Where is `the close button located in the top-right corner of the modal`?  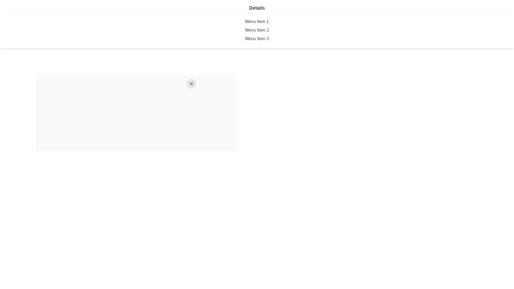
the close button located in the top-right corner of the modal is located at coordinates (191, 83).